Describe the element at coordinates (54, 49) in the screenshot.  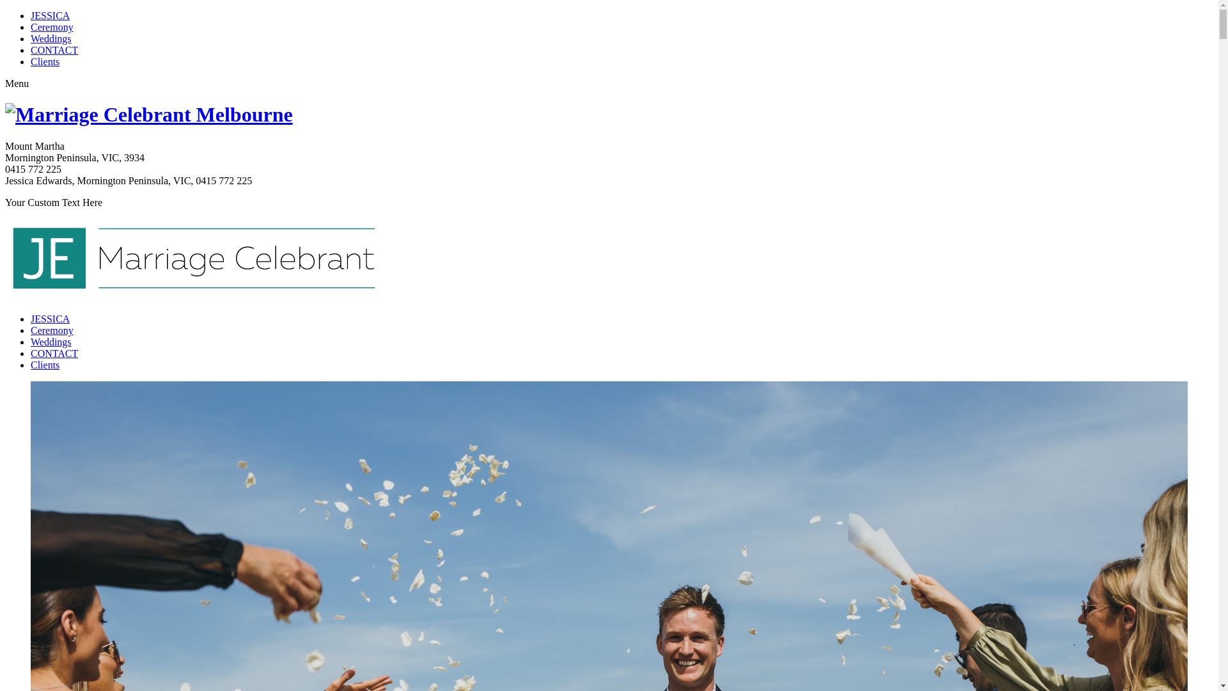
I see `'CONTACT'` at that location.